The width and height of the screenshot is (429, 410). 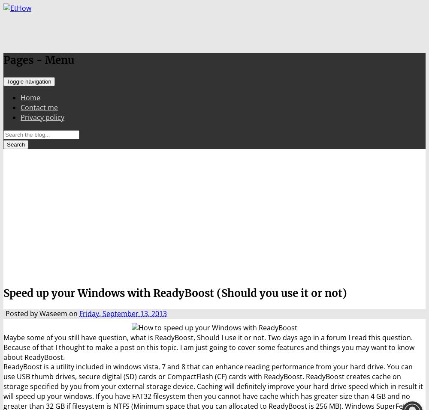 I want to click on 'Speed up your Windows with ReadyBoost (Should you use it or not)', so click(x=175, y=293).